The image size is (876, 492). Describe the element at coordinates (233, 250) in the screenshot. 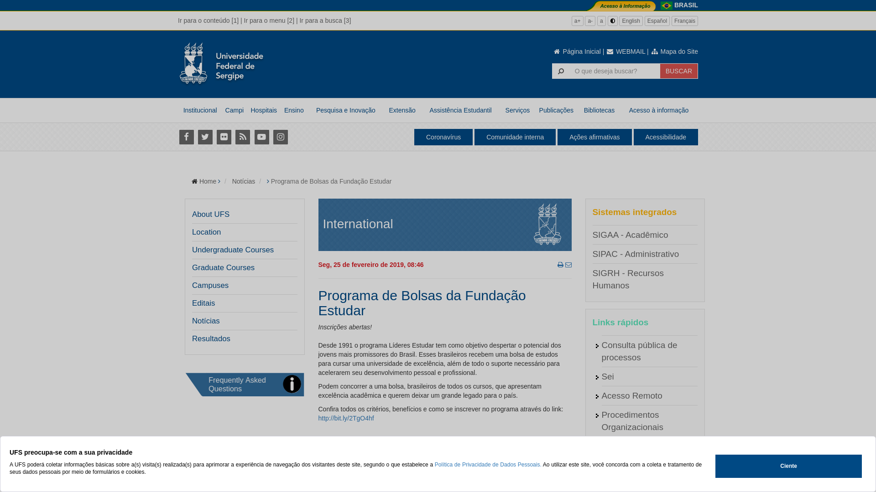

I see `'Undergraduate Courses'` at that location.